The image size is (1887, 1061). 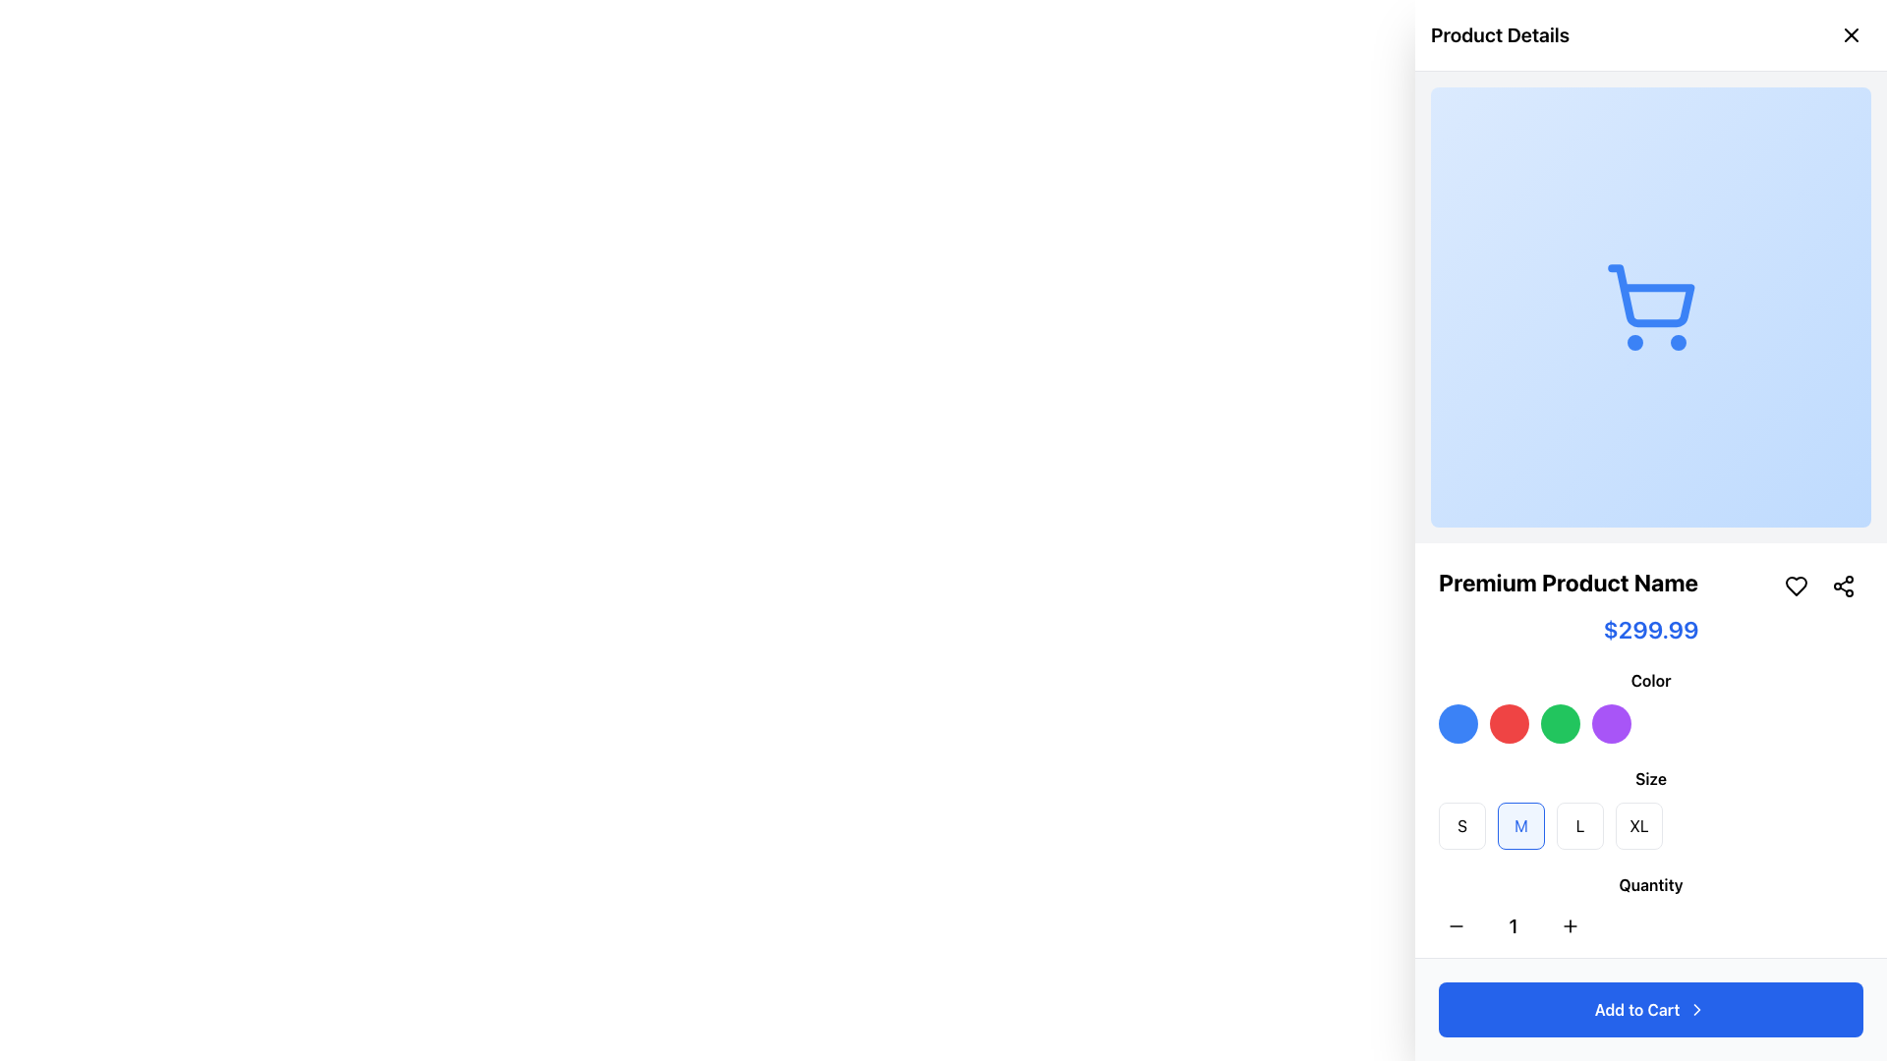 I want to click on the increment and decrement controls of the Quantity selector, located near the bottom of the product details section, so click(x=1651, y=909).